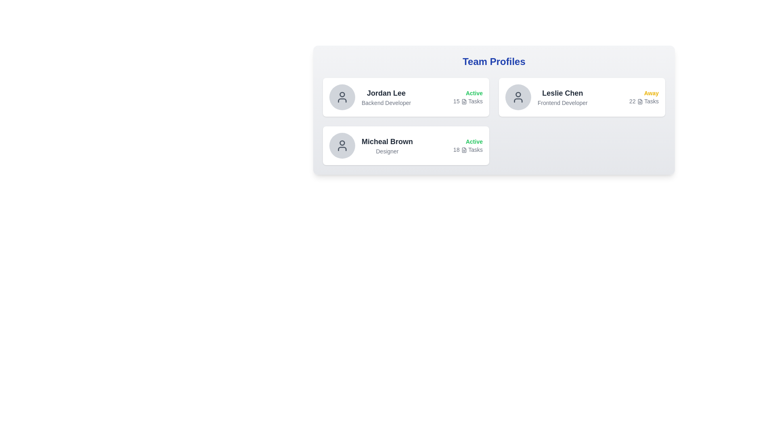 The width and height of the screenshot is (775, 436). I want to click on the Avatar placeholder representing the individual associated with the card for the second entry in the team profiles list, located to the left of the text area containing 'Micheal Brown' and 'Designer', so click(342, 146).